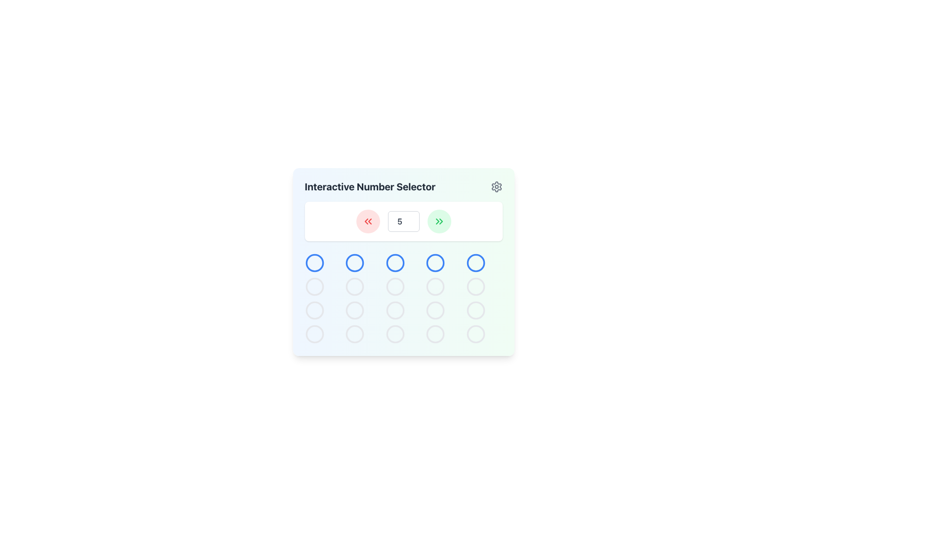 This screenshot has width=949, height=534. I want to click on the circular indicator button located in the third row and third column of the grid below the 'Interactive Number Selector', so click(394, 334).